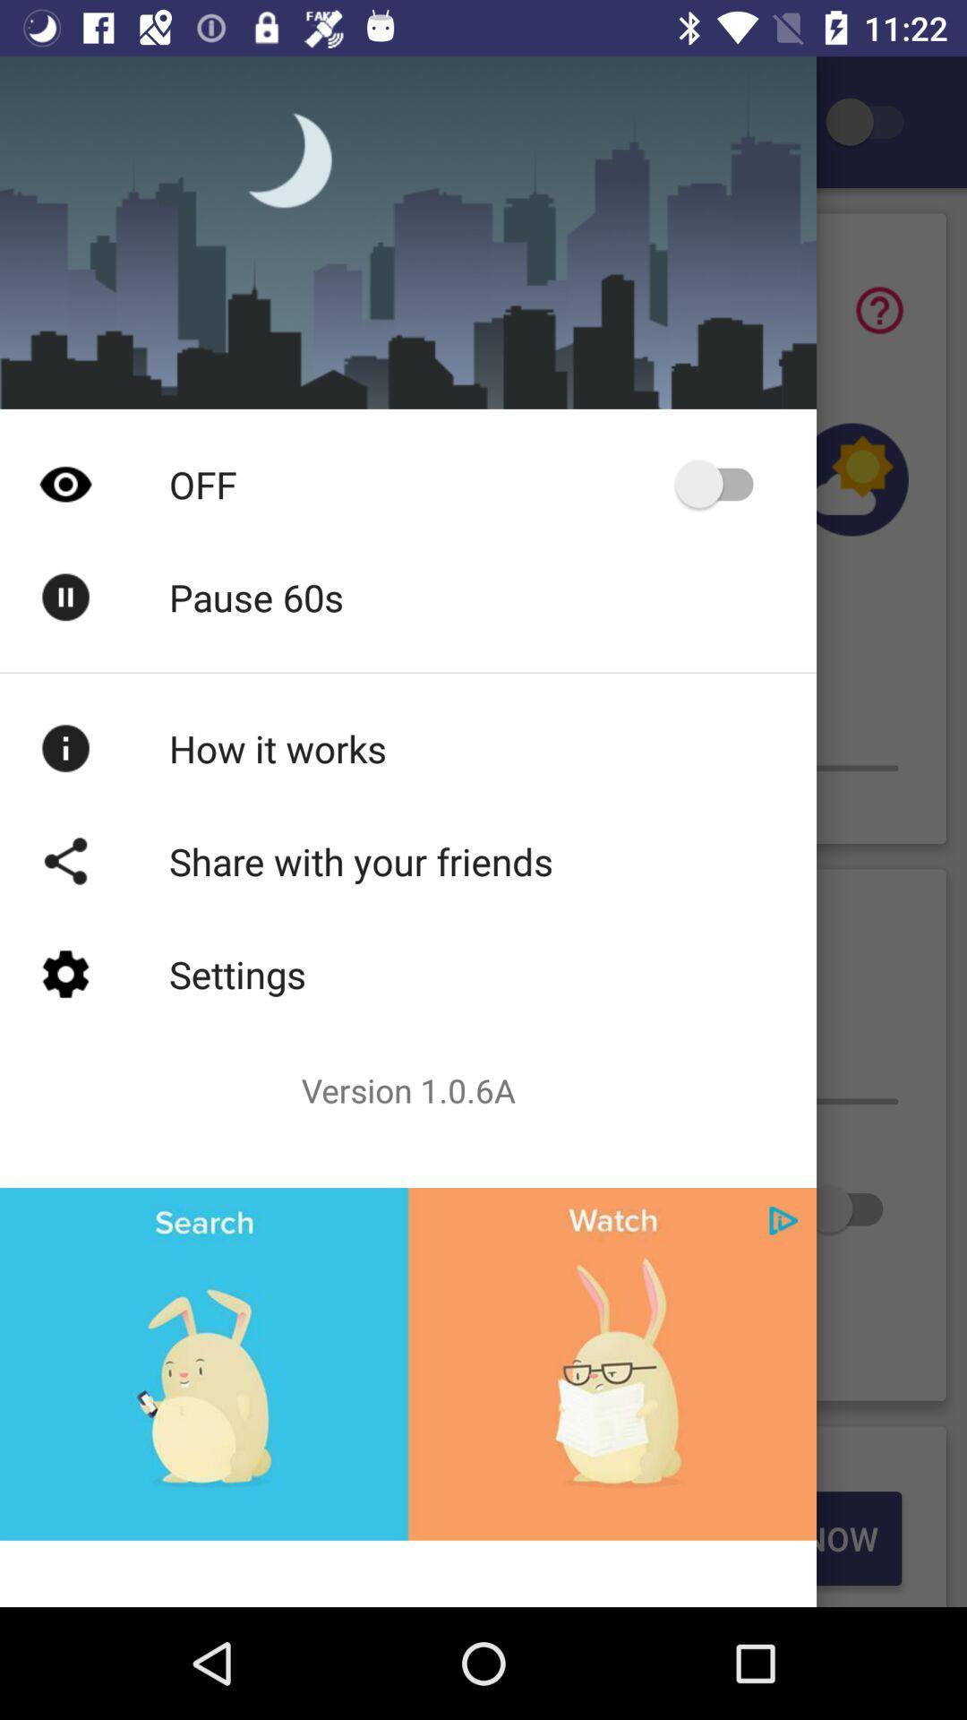 This screenshot has height=1720, width=967. I want to click on setting page, so click(872, 121).